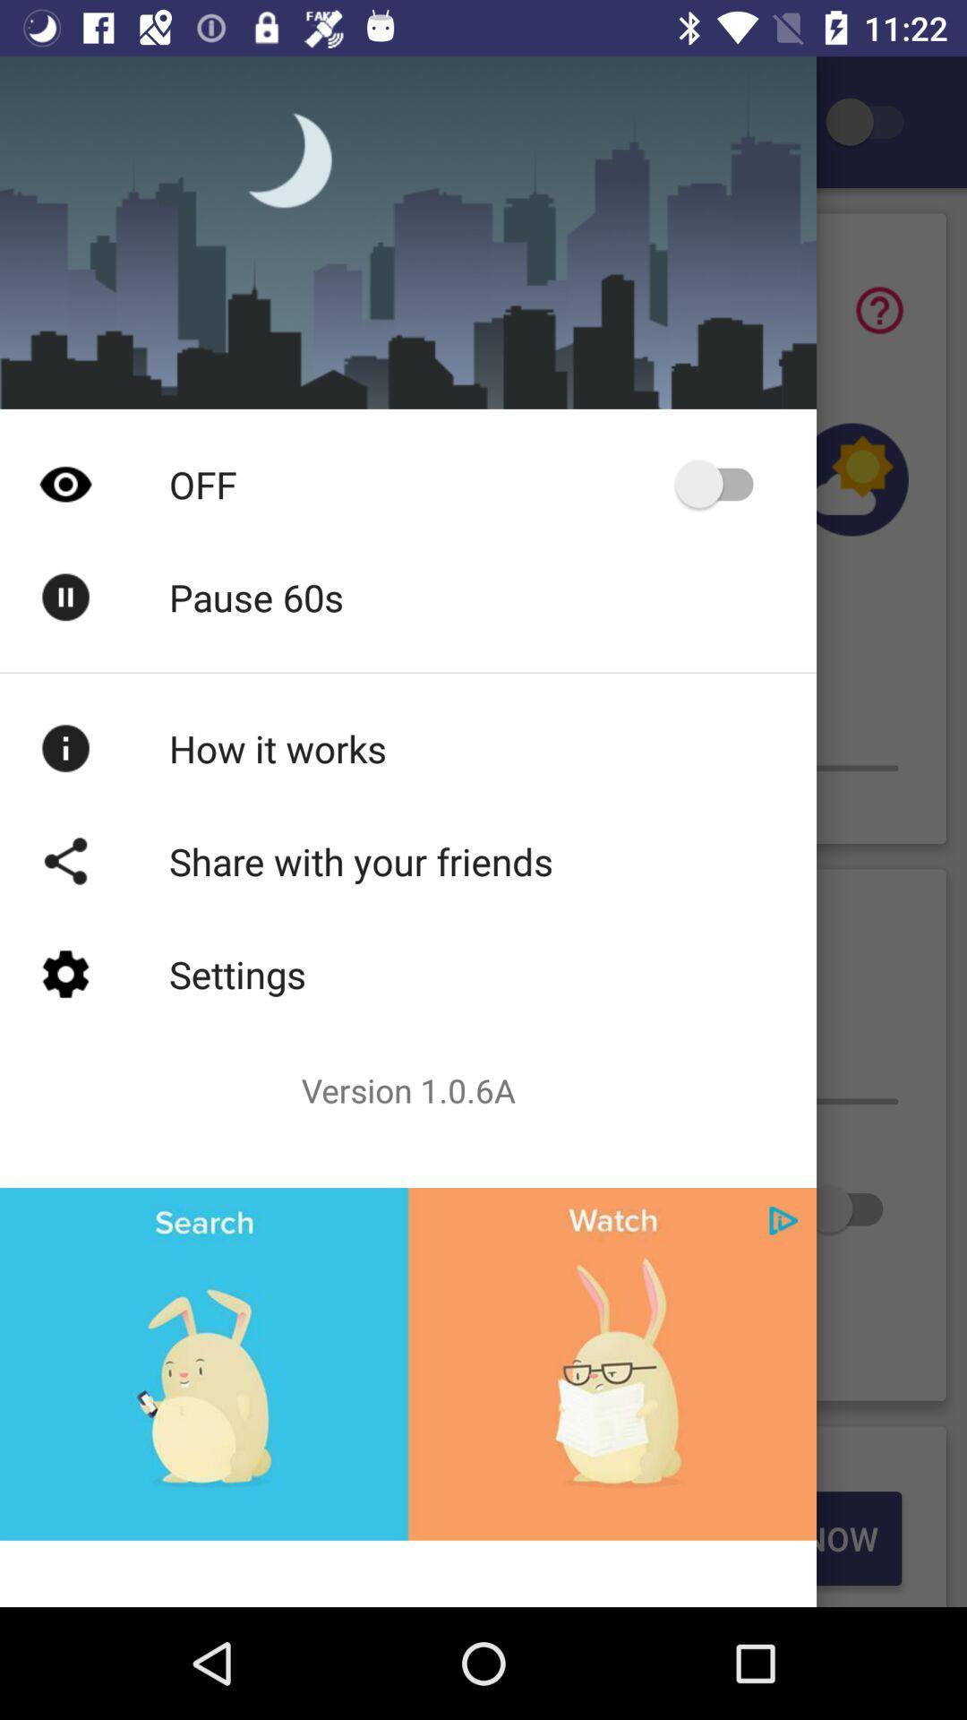 This screenshot has height=1720, width=967. I want to click on setting page, so click(872, 121).